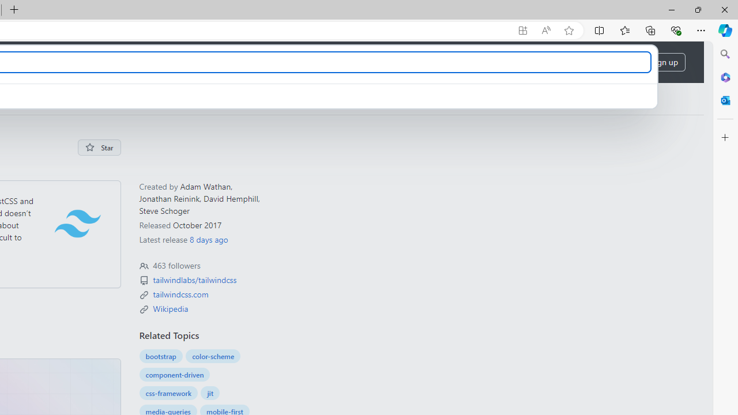  I want to click on 'tailwindcss.com', so click(180, 293).